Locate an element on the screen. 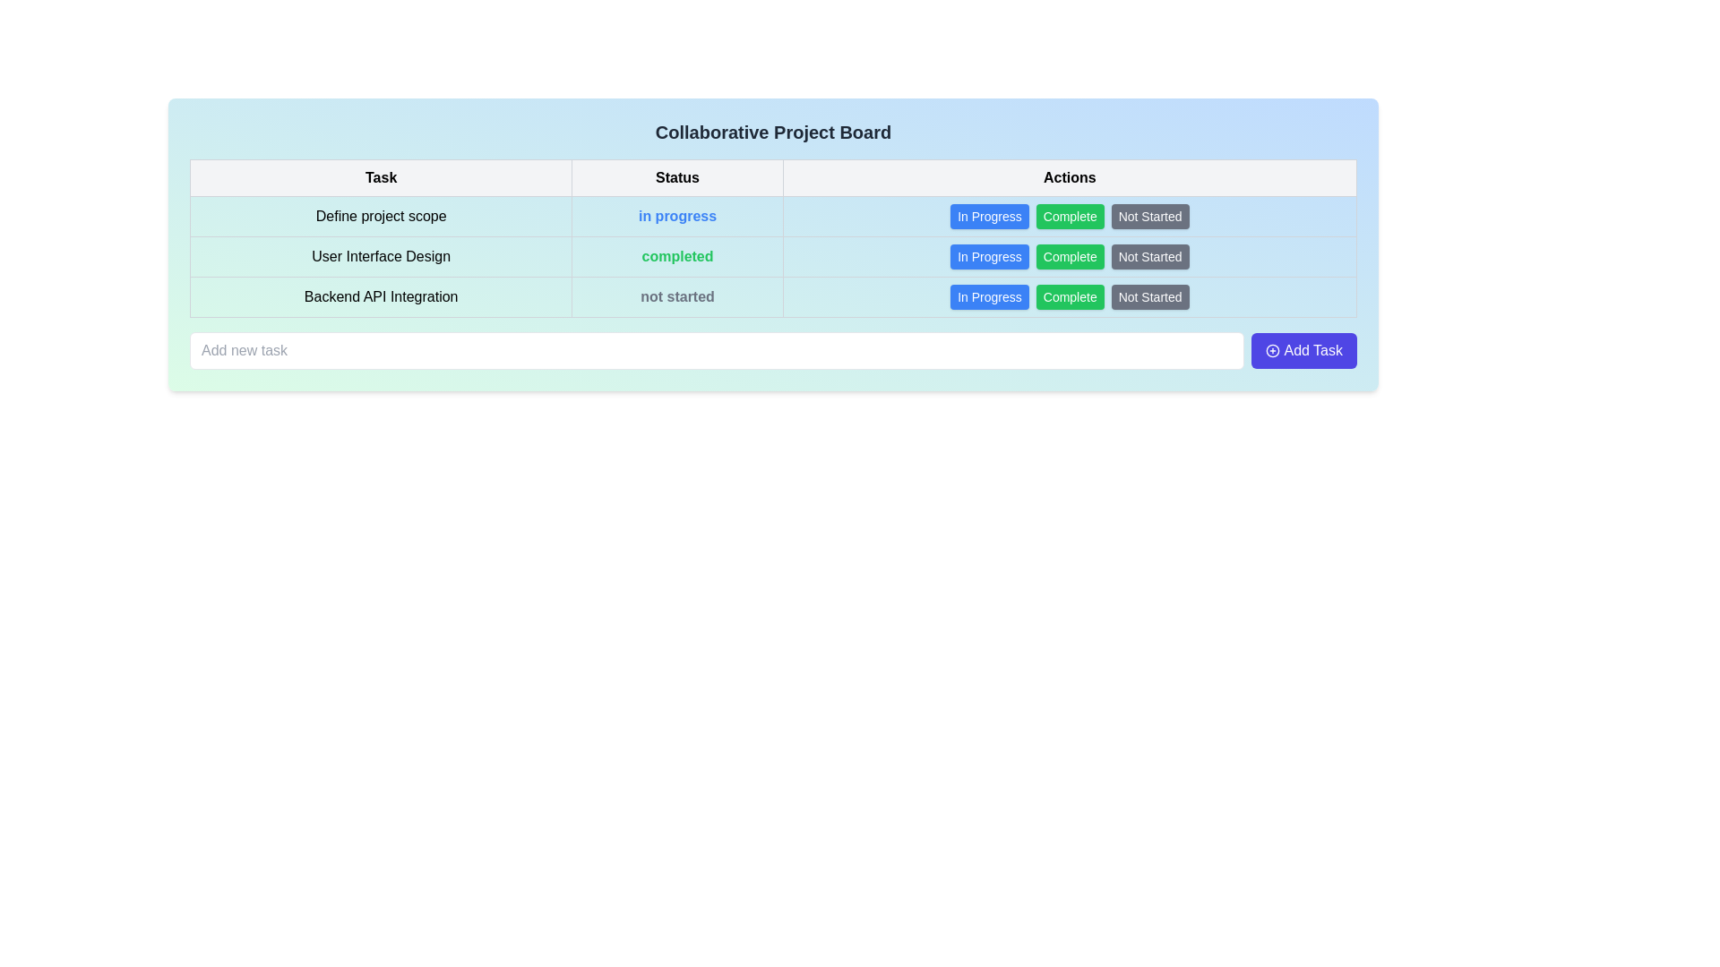  one of the buttons in the button group located in the 'Actions' column of the second row for the task 'User Interface Design' is located at coordinates (1070, 256).